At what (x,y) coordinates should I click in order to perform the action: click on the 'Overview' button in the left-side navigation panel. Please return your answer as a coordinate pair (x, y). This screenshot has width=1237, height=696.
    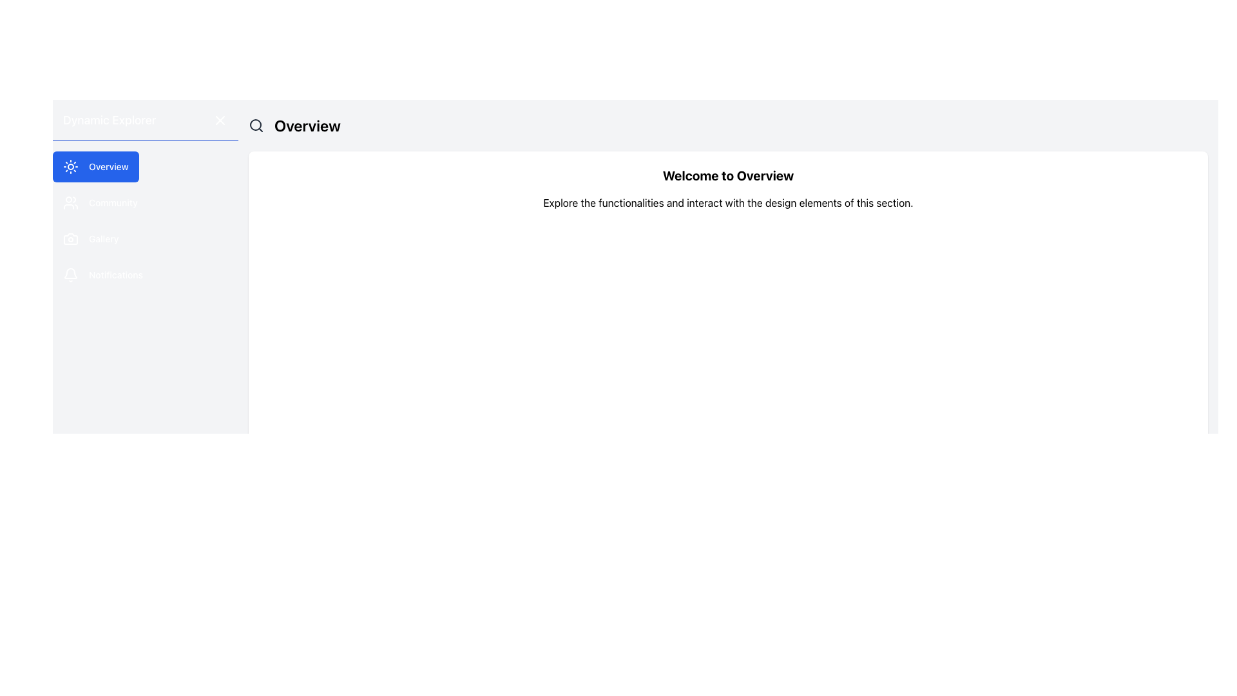
    Looking at the image, I should click on (70, 166).